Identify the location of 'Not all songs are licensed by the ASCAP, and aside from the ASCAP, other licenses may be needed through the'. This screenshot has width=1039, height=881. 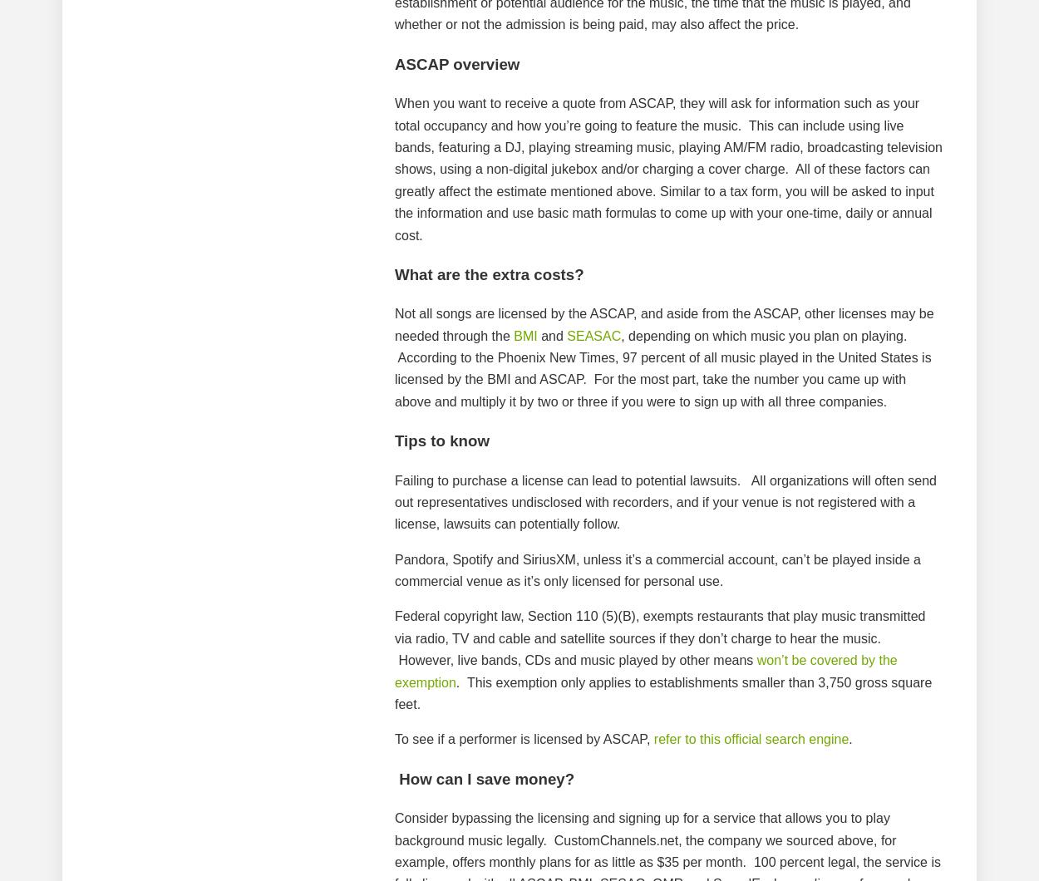
(664, 324).